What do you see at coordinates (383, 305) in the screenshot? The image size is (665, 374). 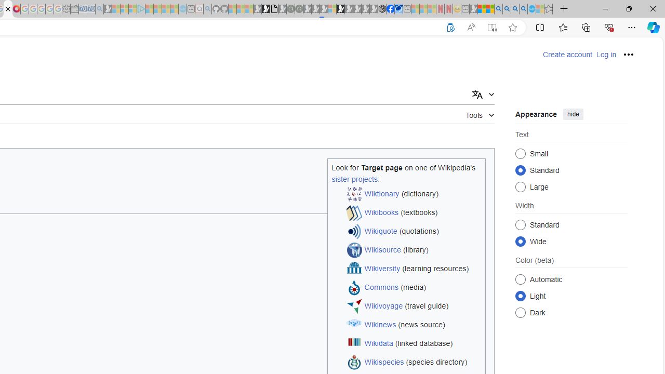 I see `'Wikivoyage'` at bounding box center [383, 305].